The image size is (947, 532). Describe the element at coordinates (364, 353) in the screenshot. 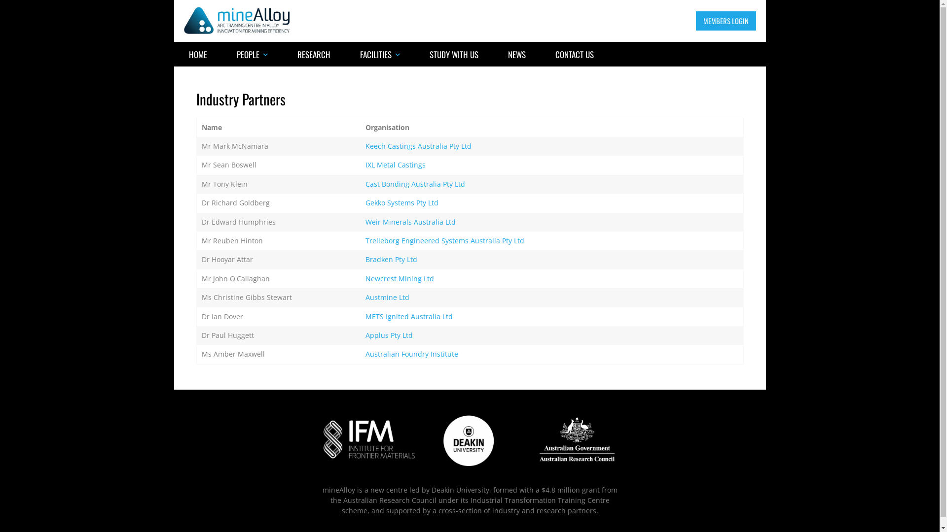

I see `'Australian Foundry Institute'` at that location.